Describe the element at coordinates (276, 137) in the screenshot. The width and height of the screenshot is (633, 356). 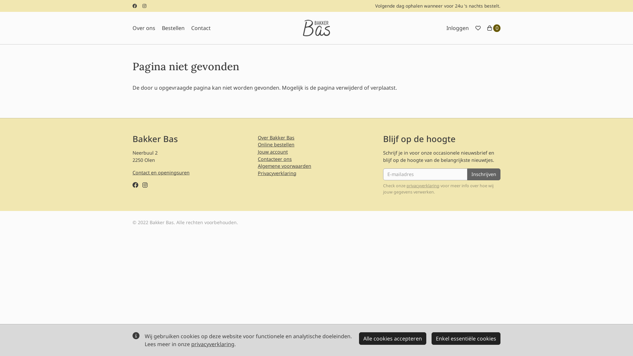
I see `'Over Bakker Bas'` at that location.